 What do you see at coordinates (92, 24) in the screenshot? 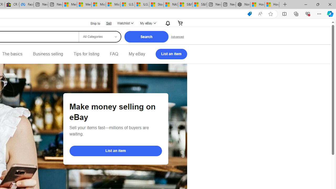
I see `'Ship to'` at bounding box center [92, 24].